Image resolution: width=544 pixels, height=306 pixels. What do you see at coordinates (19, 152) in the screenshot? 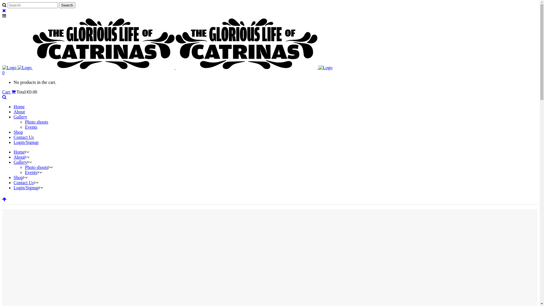
I see `'Home'` at bounding box center [19, 152].